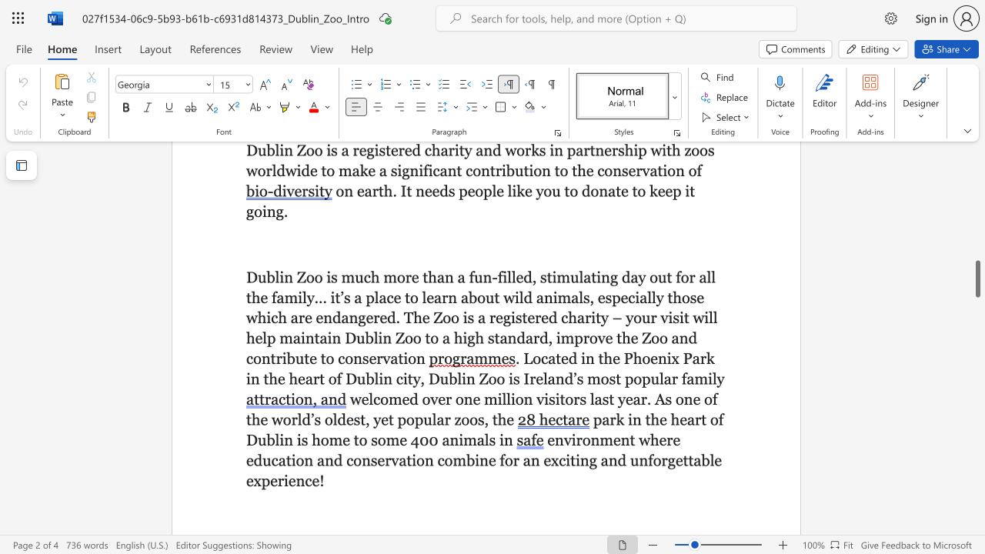  I want to click on the 6th character "e" in the text, so click(539, 379).